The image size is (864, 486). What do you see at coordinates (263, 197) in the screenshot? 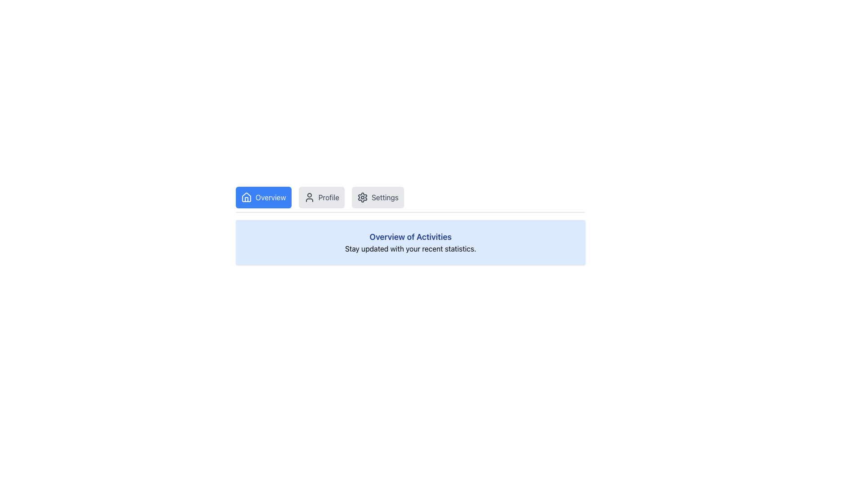
I see `the 'Overview' navigation button located at the top-left of the bordered section` at bounding box center [263, 197].